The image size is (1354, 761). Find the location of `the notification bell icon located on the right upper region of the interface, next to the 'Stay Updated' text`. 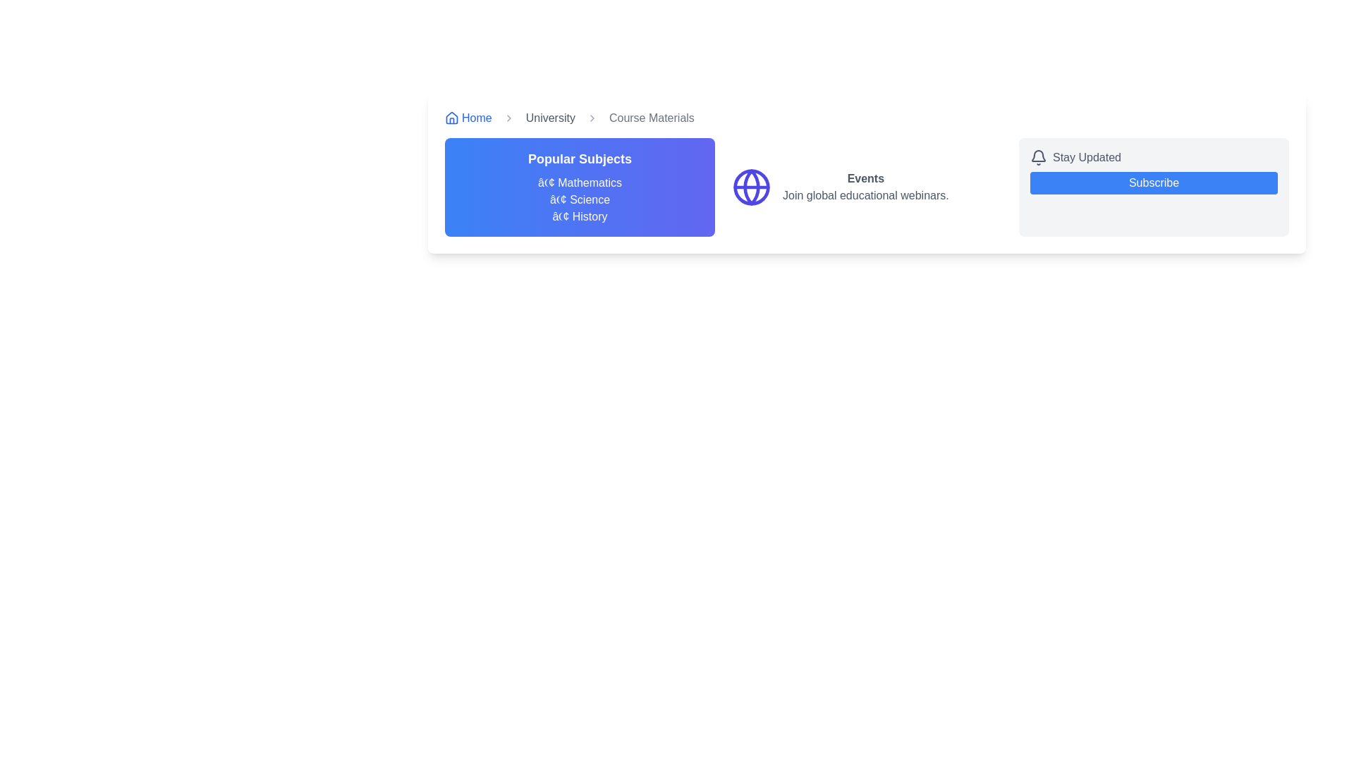

the notification bell icon located on the right upper region of the interface, next to the 'Stay Updated' text is located at coordinates (1039, 157).